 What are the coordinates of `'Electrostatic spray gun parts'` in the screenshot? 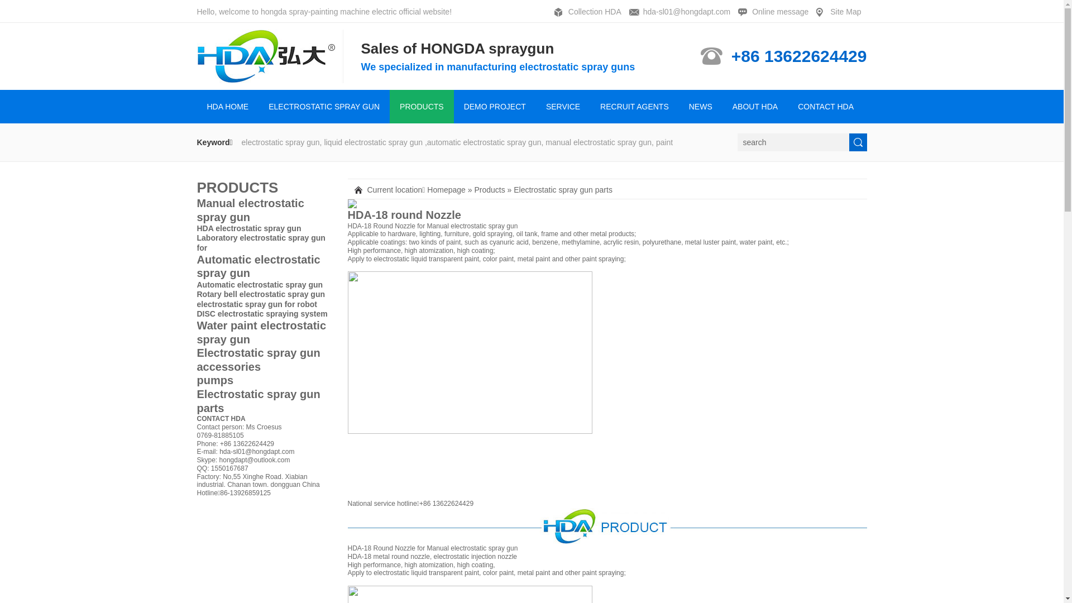 It's located at (563, 189).